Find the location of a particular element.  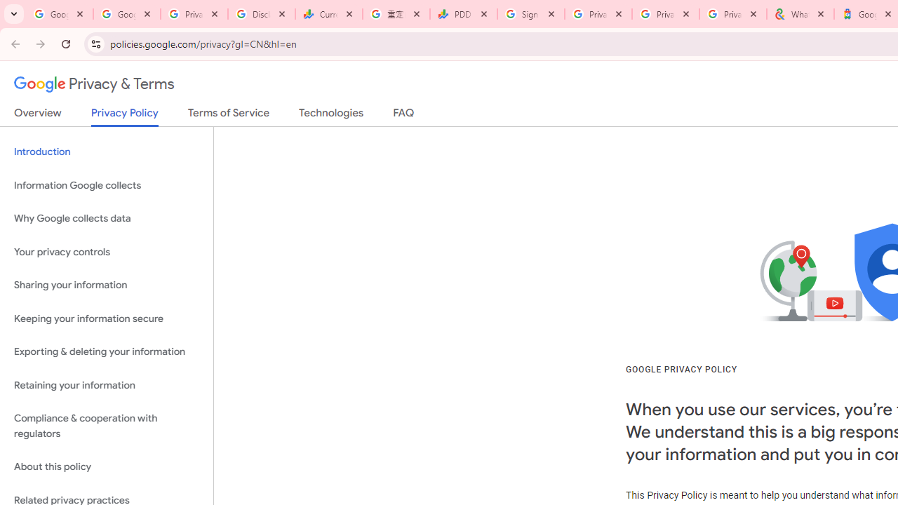

'PDD Holdings Inc - ADR (PDD) Price & News - Google Finance' is located at coordinates (464, 14).